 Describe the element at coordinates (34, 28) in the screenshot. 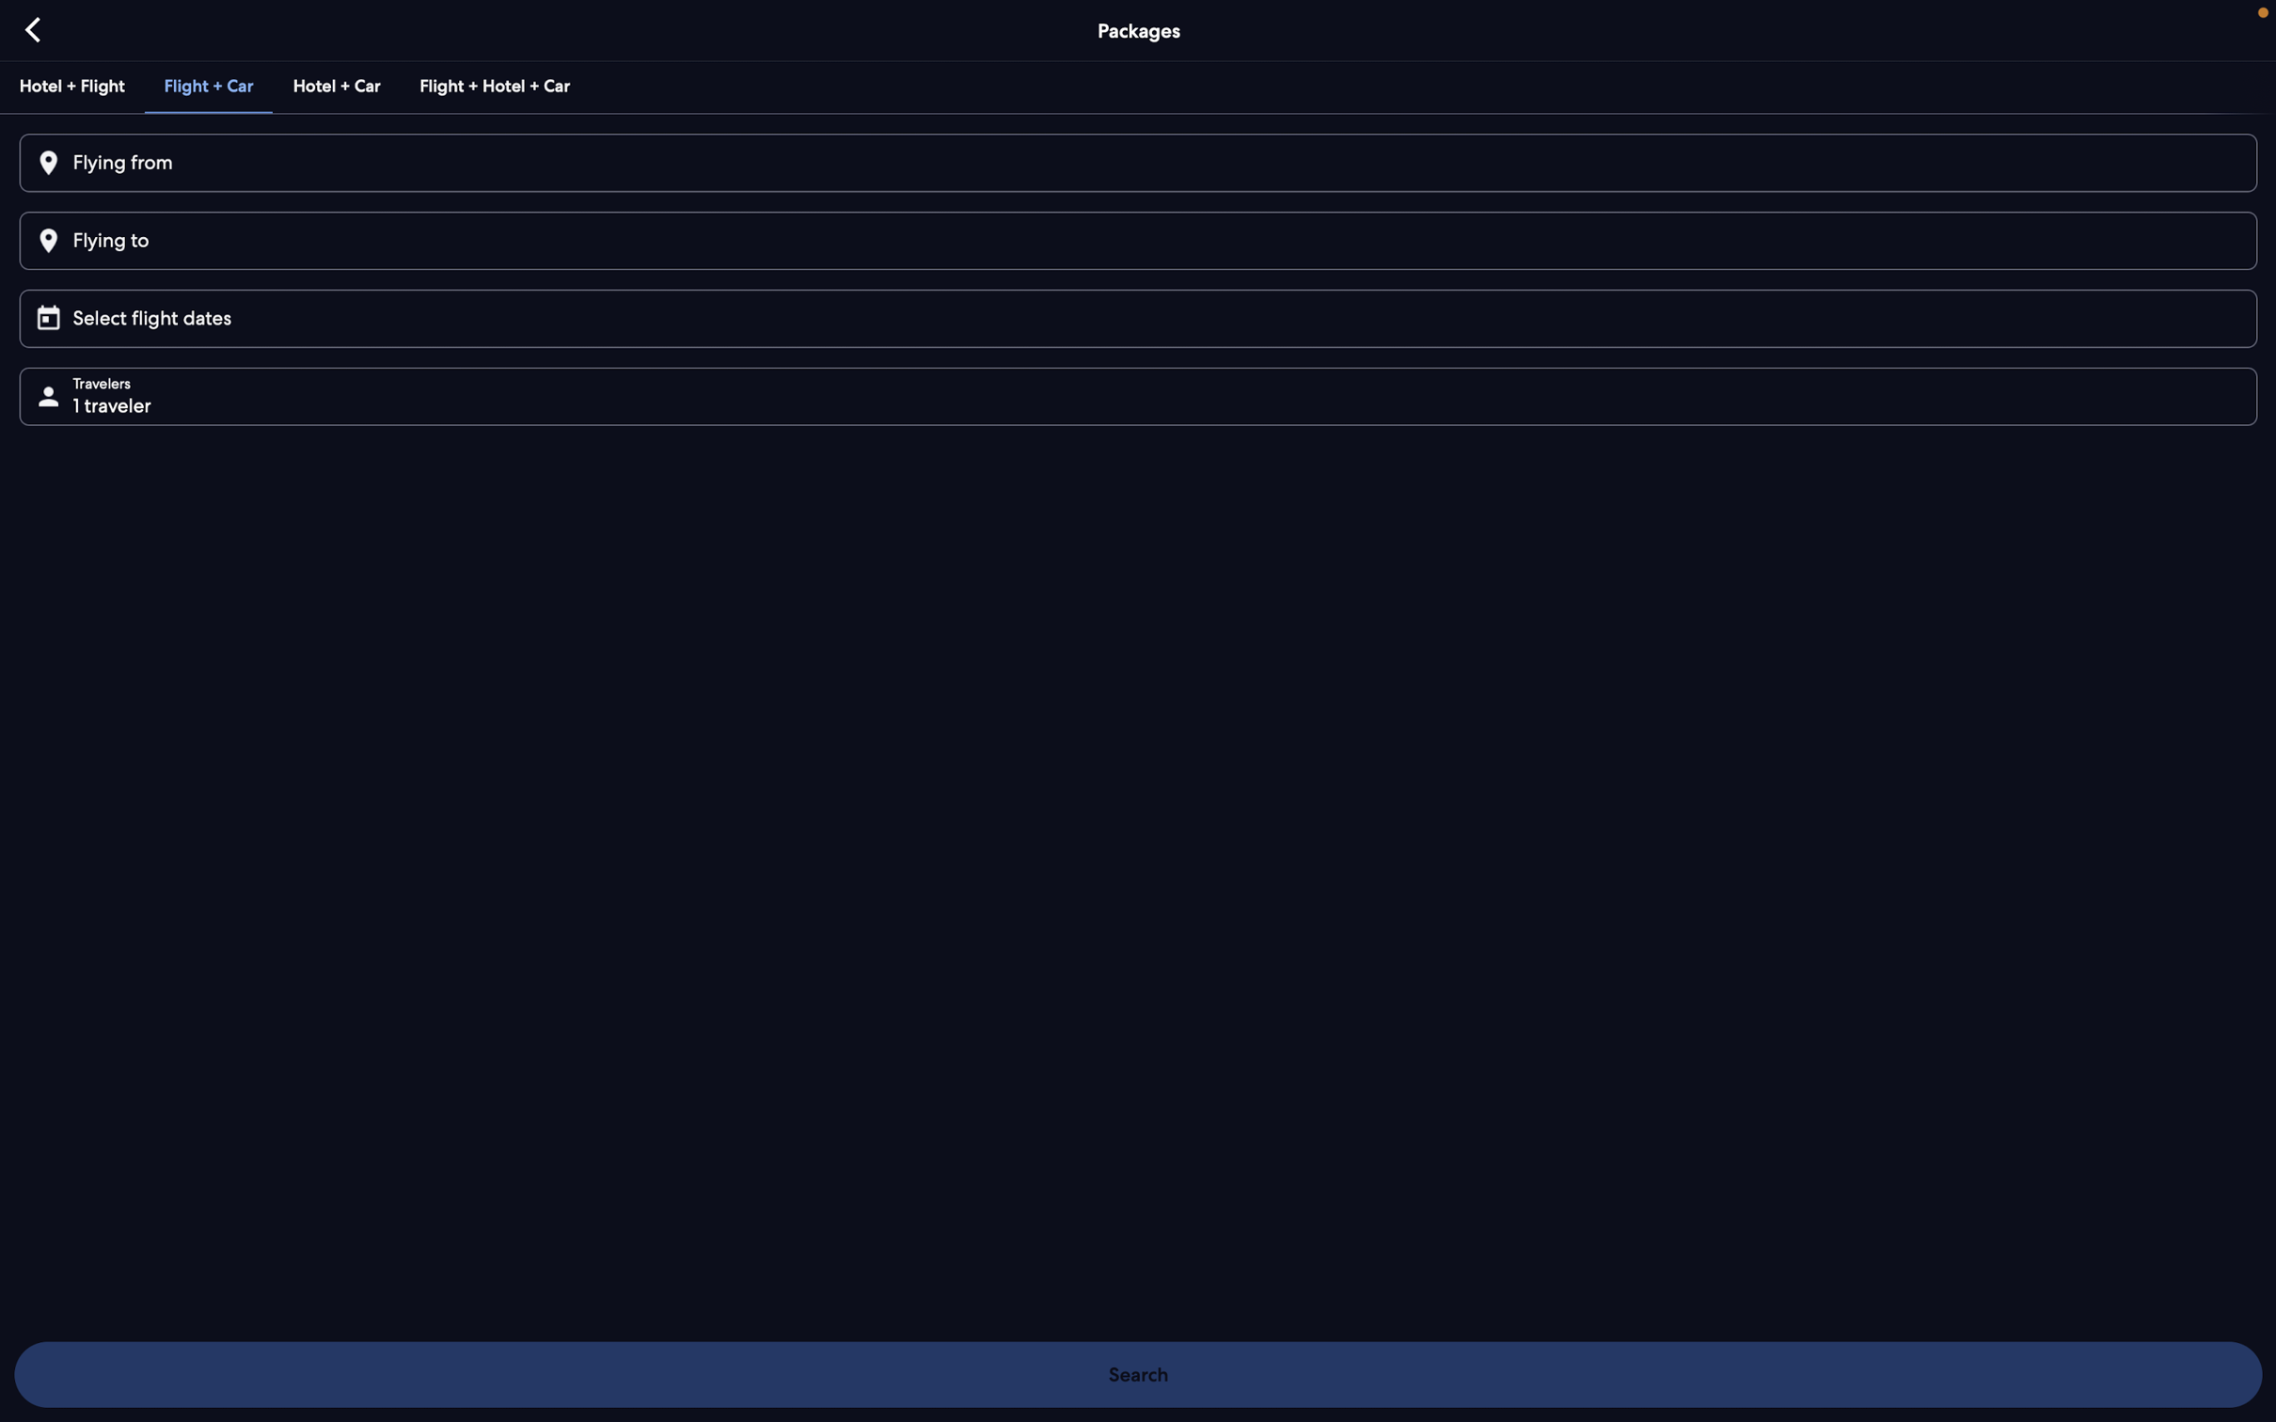

I see `Go backward to the last page` at that location.